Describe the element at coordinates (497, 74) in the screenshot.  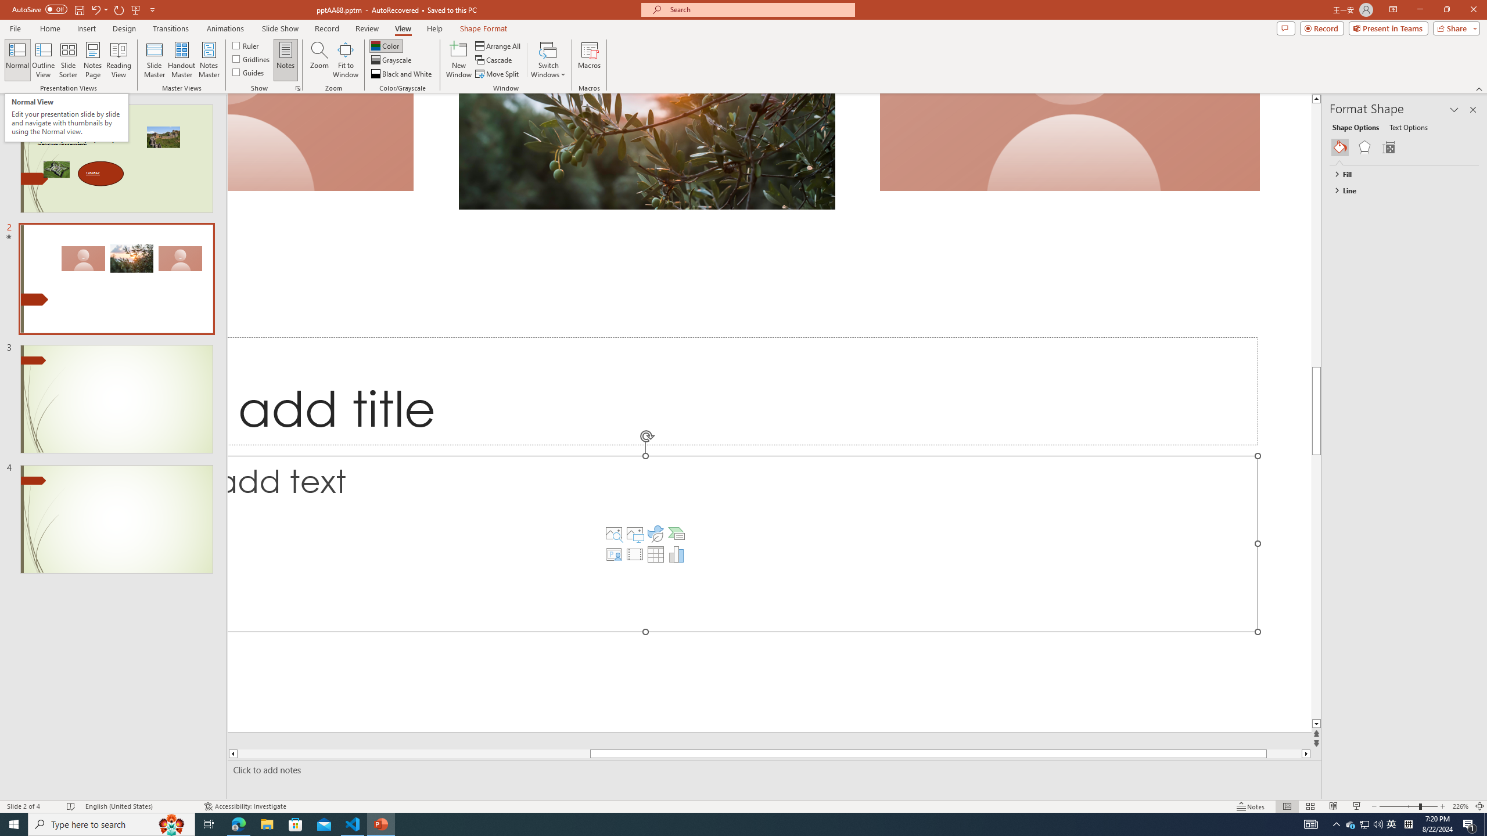
I see `'Move Split'` at that location.